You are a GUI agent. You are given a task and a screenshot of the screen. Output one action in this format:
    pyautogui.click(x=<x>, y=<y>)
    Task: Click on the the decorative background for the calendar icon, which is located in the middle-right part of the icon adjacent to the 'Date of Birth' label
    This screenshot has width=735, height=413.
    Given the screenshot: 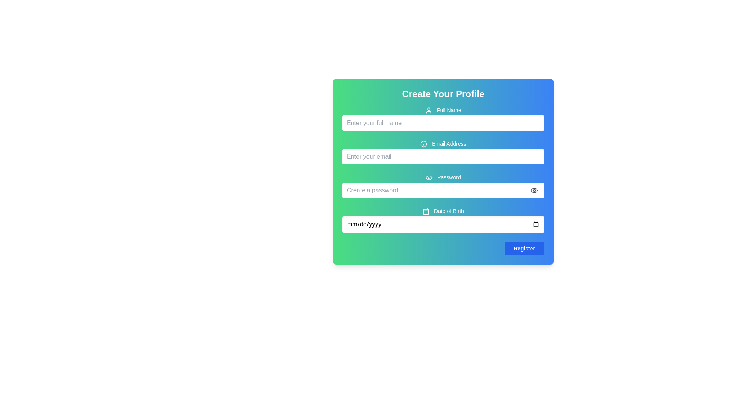 What is the action you would take?
    pyautogui.click(x=426, y=211)
    